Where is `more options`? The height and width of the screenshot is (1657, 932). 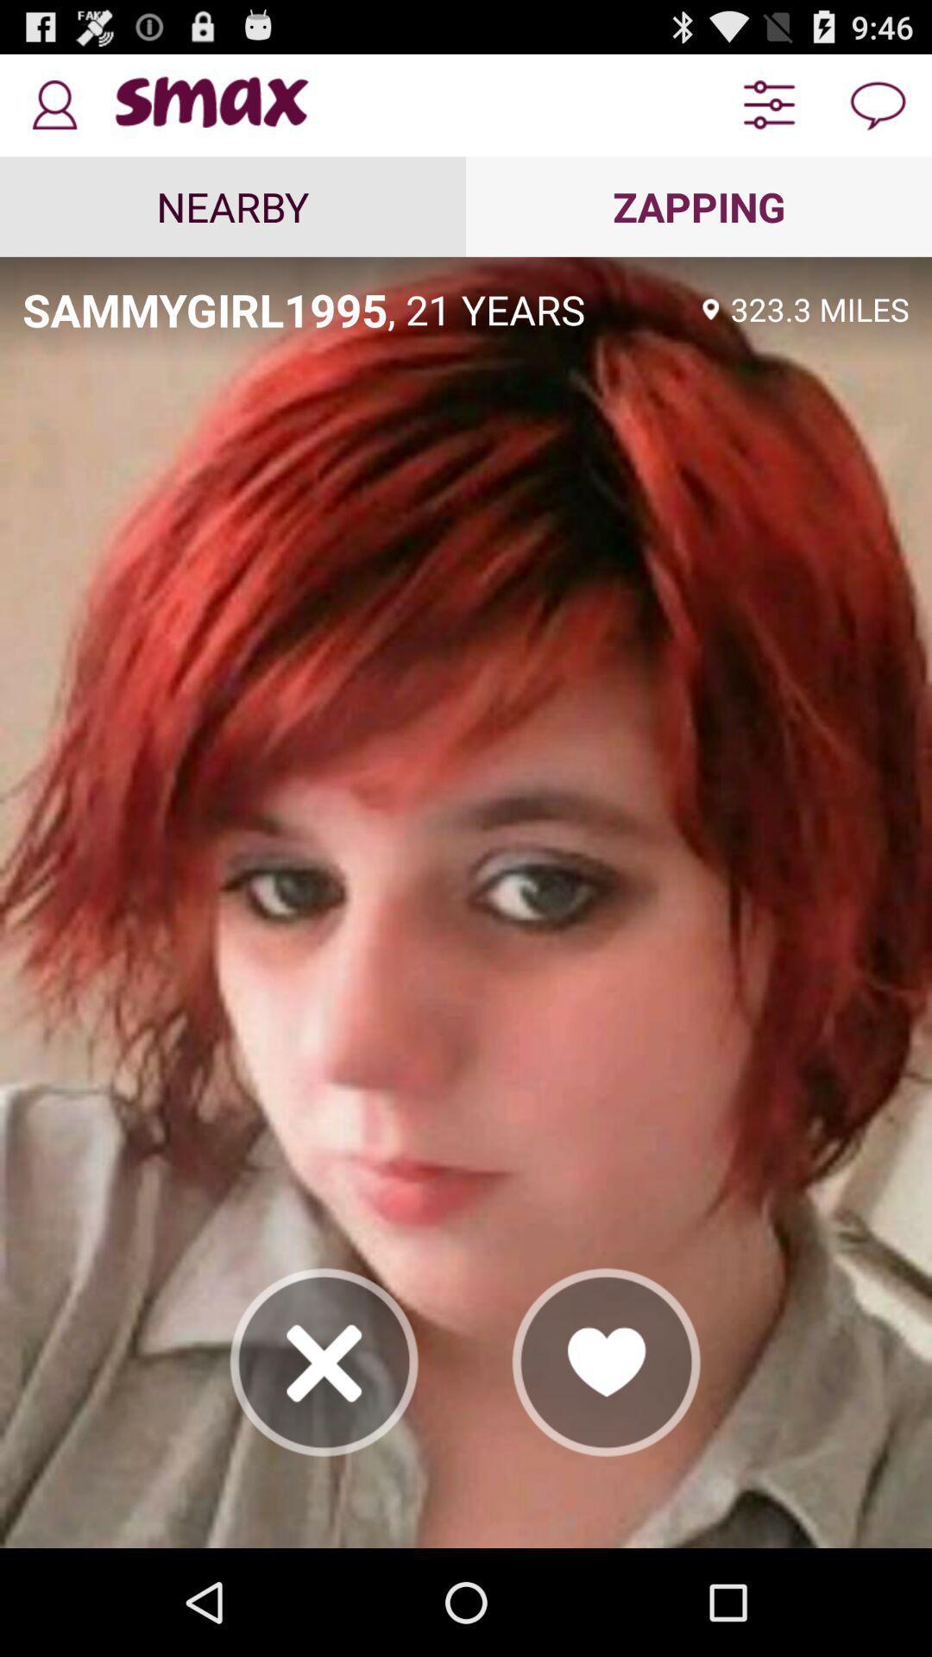
more options is located at coordinates (768, 104).